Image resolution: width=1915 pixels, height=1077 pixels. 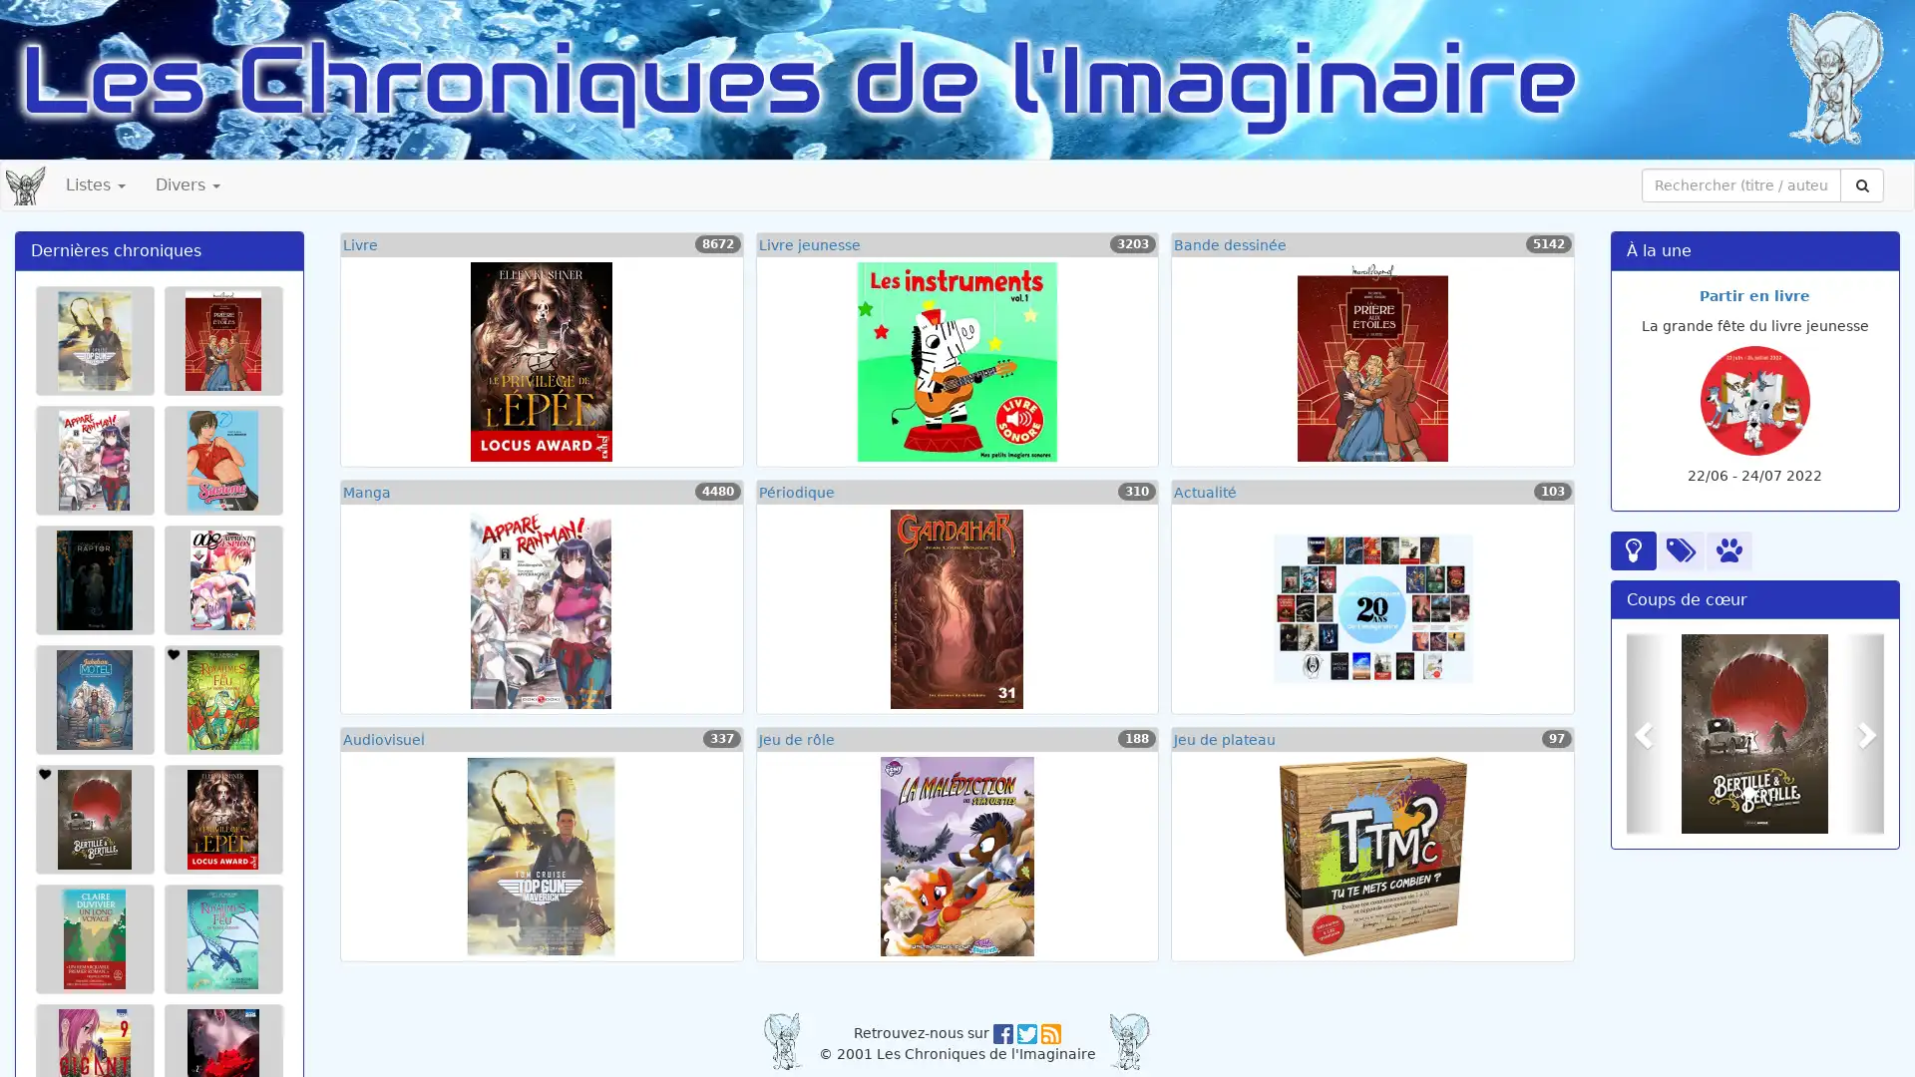 What do you see at coordinates (188, 184) in the screenshot?
I see `Divers` at bounding box center [188, 184].